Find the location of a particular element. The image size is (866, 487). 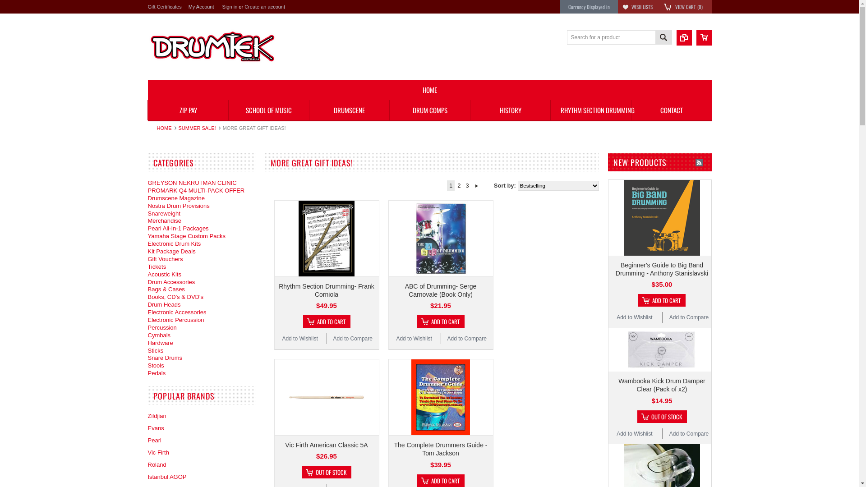

'OUT OF STOCK' is located at coordinates (326, 471).